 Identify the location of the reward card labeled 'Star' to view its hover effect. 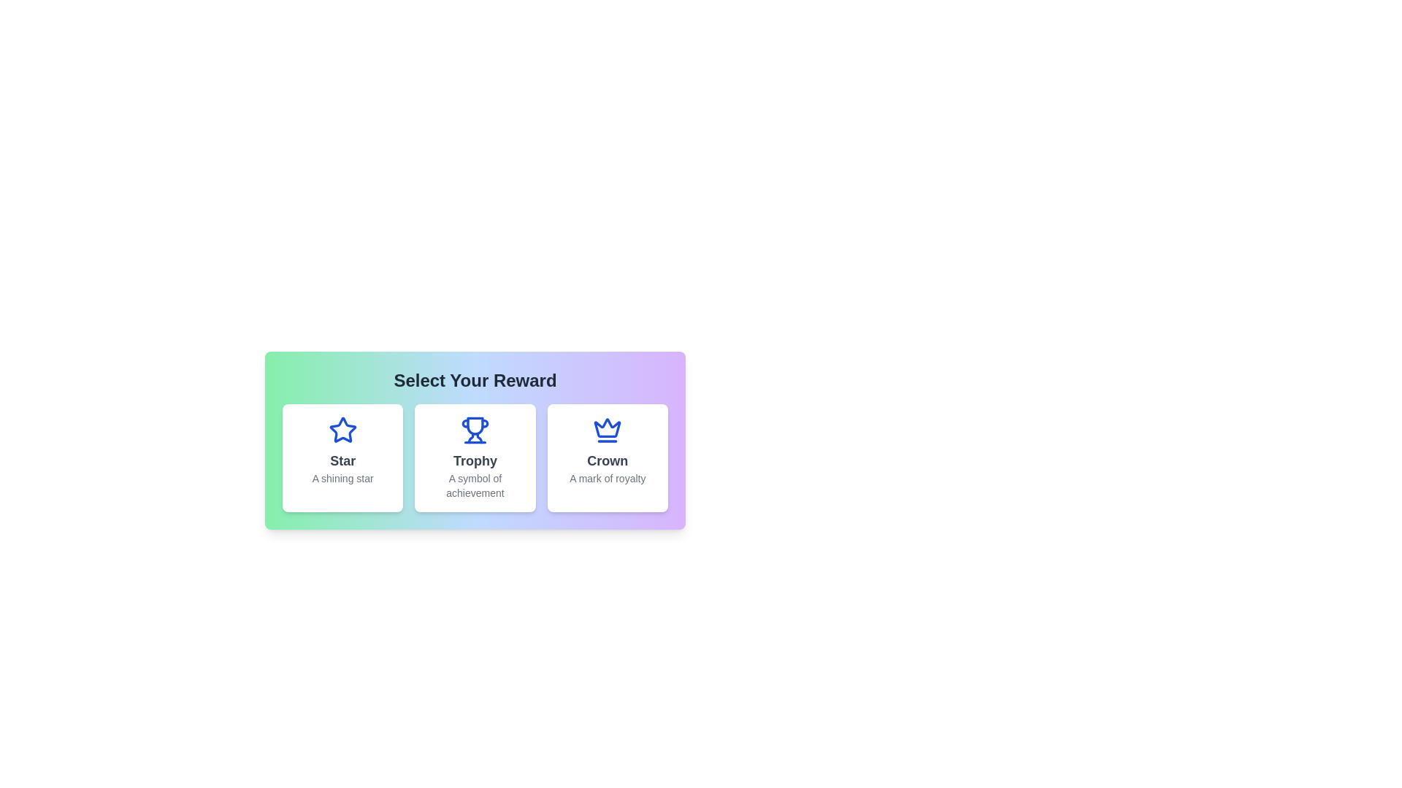
(342, 457).